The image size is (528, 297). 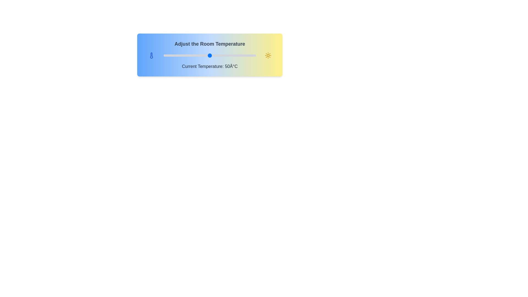 What do you see at coordinates (210, 55) in the screenshot?
I see `the temperature slider to 51°C` at bounding box center [210, 55].